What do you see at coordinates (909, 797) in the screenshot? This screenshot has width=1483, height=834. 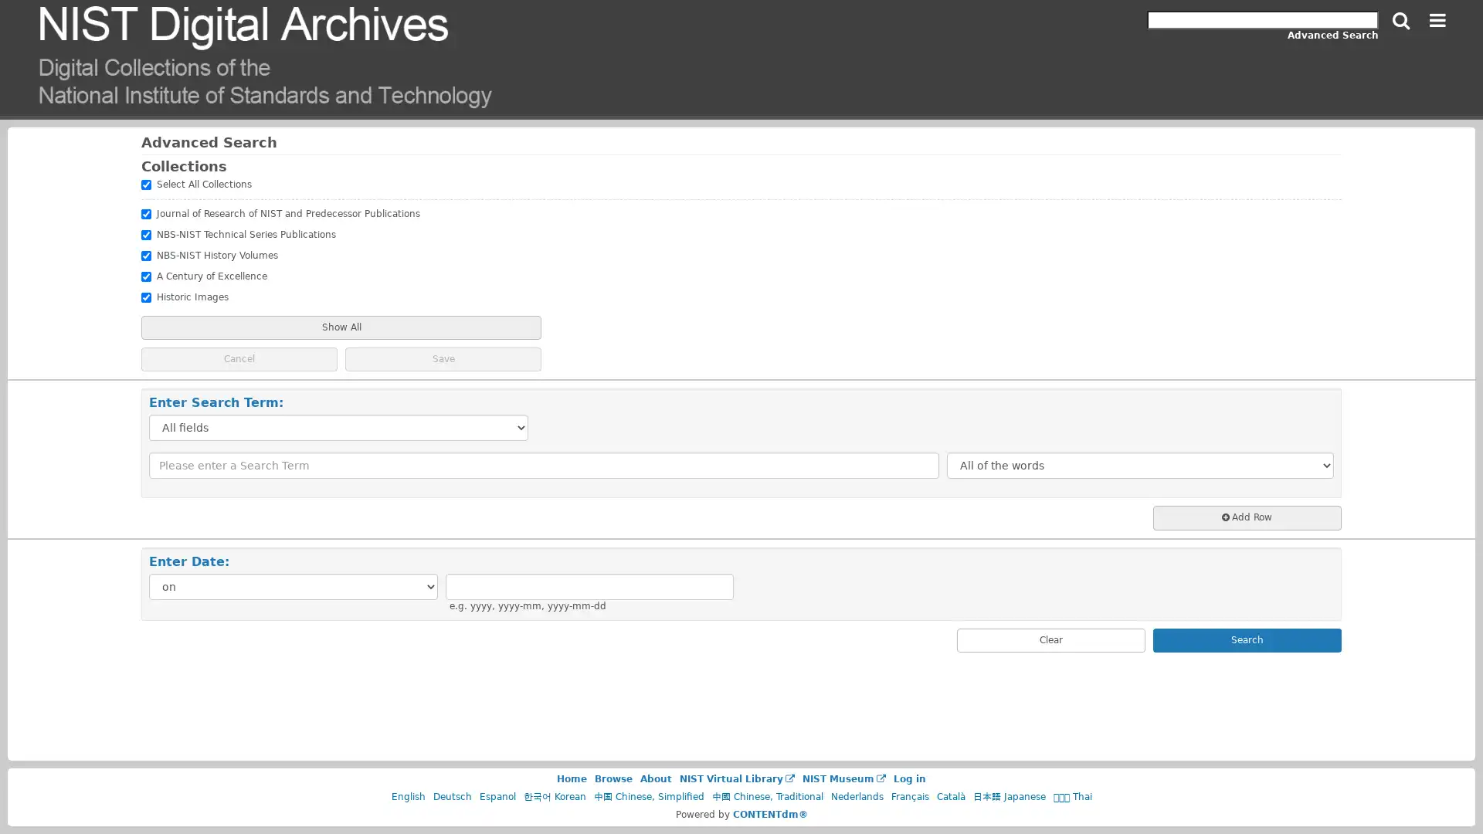 I see `Francais` at bounding box center [909, 797].